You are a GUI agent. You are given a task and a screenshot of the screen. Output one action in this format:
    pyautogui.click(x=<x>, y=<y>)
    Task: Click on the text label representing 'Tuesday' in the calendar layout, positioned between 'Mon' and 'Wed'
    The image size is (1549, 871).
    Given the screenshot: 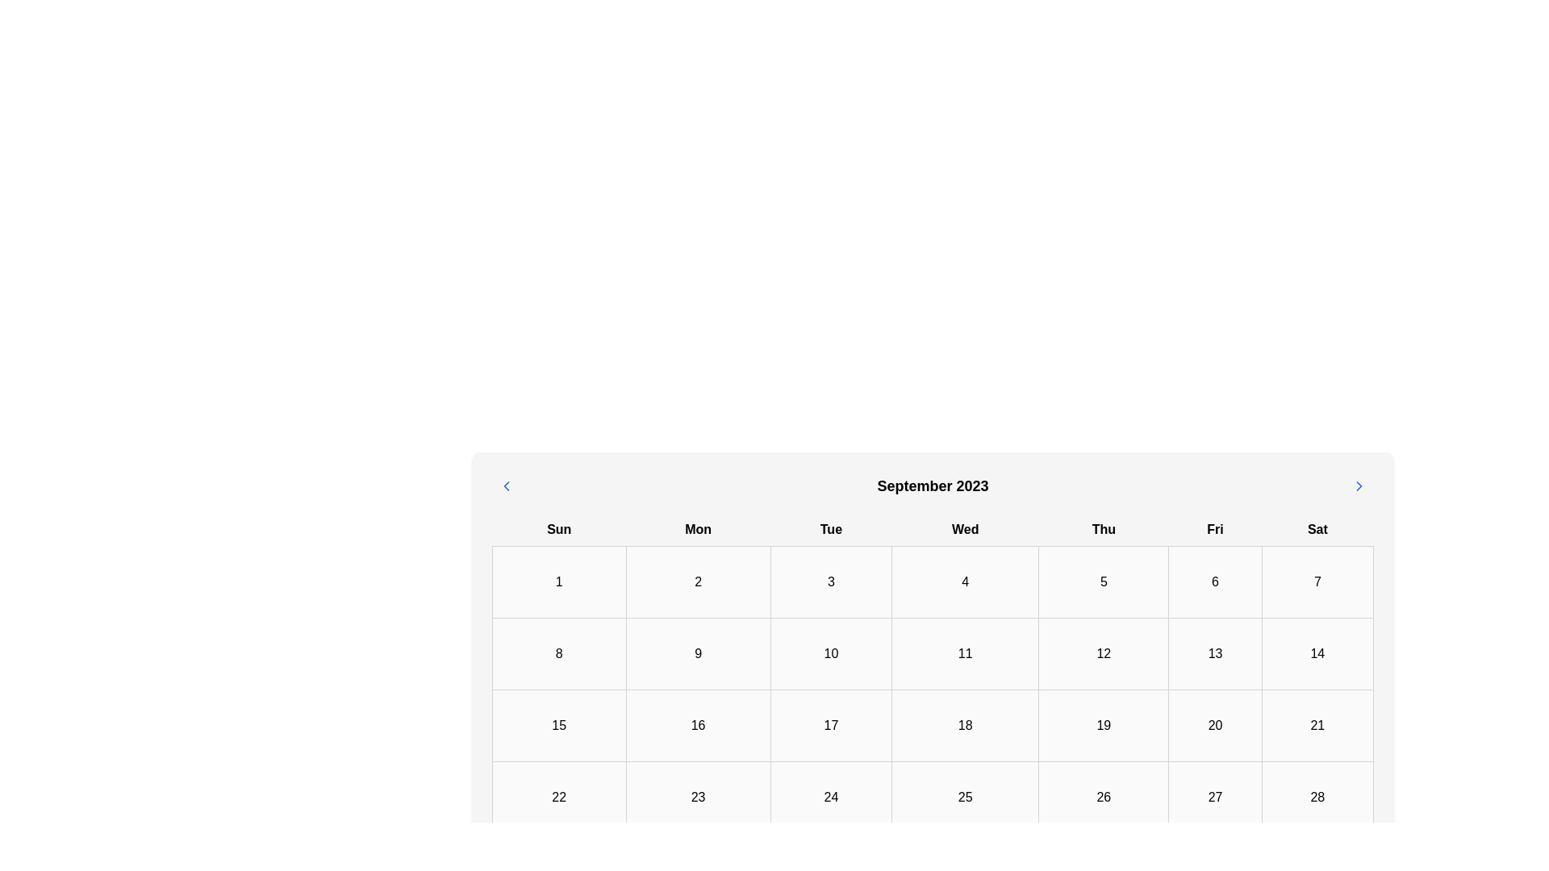 What is the action you would take?
    pyautogui.click(x=831, y=530)
    